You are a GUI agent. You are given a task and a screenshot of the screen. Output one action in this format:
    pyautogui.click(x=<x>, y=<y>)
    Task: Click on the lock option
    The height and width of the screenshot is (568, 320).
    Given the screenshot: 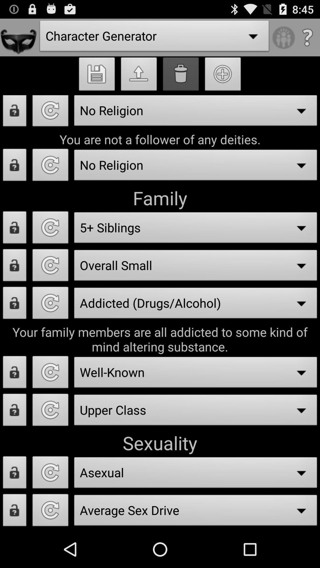 What is the action you would take?
    pyautogui.click(x=14, y=373)
    